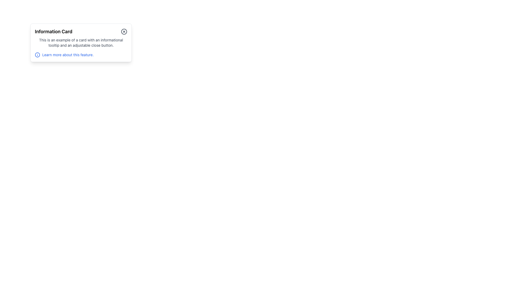 This screenshot has width=507, height=285. What do you see at coordinates (68, 55) in the screenshot?
I see `the informational text at the bottom left of the Information Card, which provides guidance about the card's feature` at bounding box center [68, 55].